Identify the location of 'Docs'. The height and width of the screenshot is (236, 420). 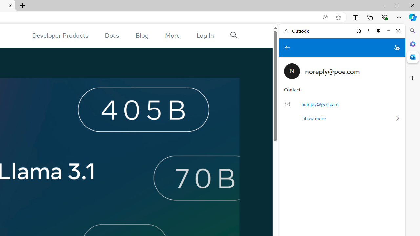
(112, 35).